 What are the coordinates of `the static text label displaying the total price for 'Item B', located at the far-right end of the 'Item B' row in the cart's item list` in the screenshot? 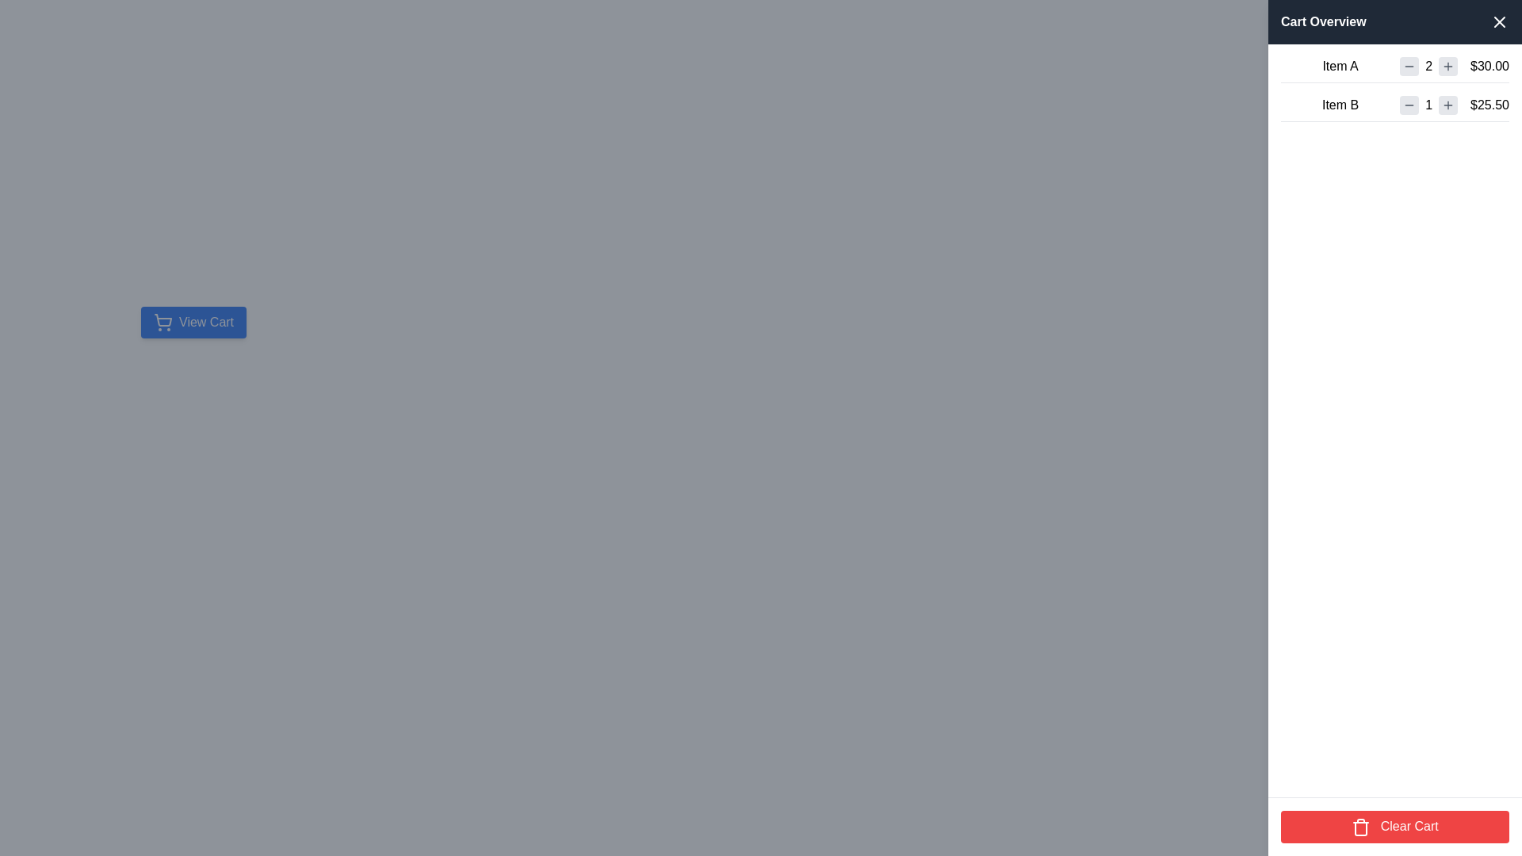 It's located at (1489, 105).